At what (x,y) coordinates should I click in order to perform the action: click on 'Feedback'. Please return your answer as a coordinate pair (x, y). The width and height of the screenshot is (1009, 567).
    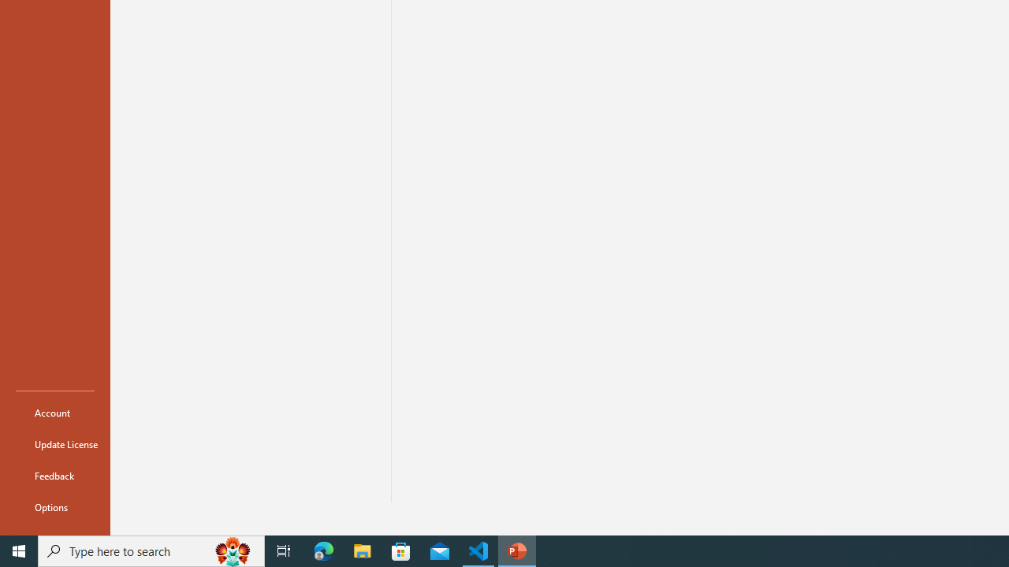
    Looking at the image, I should click on (54, 475).